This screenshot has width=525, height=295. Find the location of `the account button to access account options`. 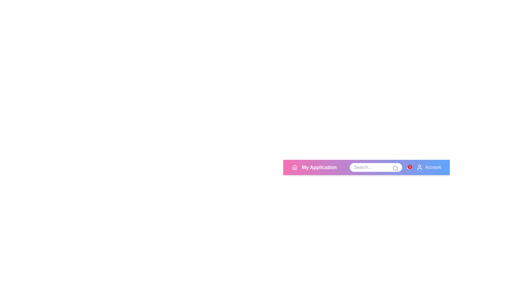

the account button to access account options is located at coordinates (428, 167).